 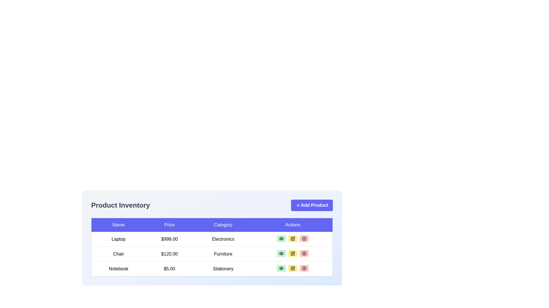 I want to click on the eye icon in the 'Actions' column of the 'Product Inventory' table, located in the third row associated with the 'Notebook' item, to trigger the visual effect, so click(x=281, y=268).